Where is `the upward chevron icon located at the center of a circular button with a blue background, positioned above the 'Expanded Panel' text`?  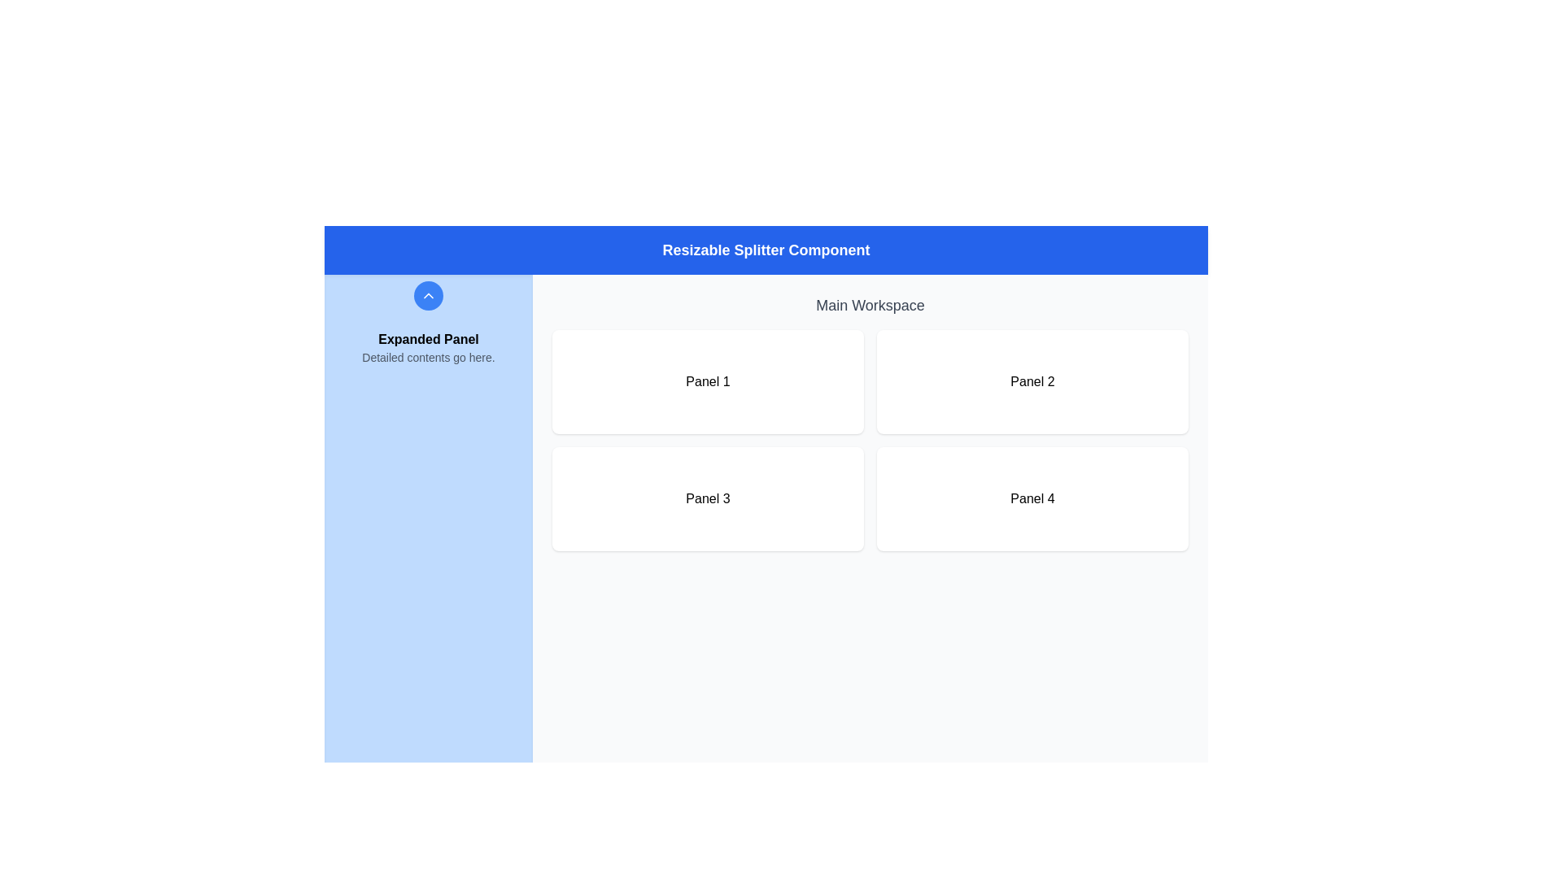 the upward chevron icon located at the center of a circular button with a blue background, positioned above the 'Expanded Panel' text is located at coordinates (429, 295).